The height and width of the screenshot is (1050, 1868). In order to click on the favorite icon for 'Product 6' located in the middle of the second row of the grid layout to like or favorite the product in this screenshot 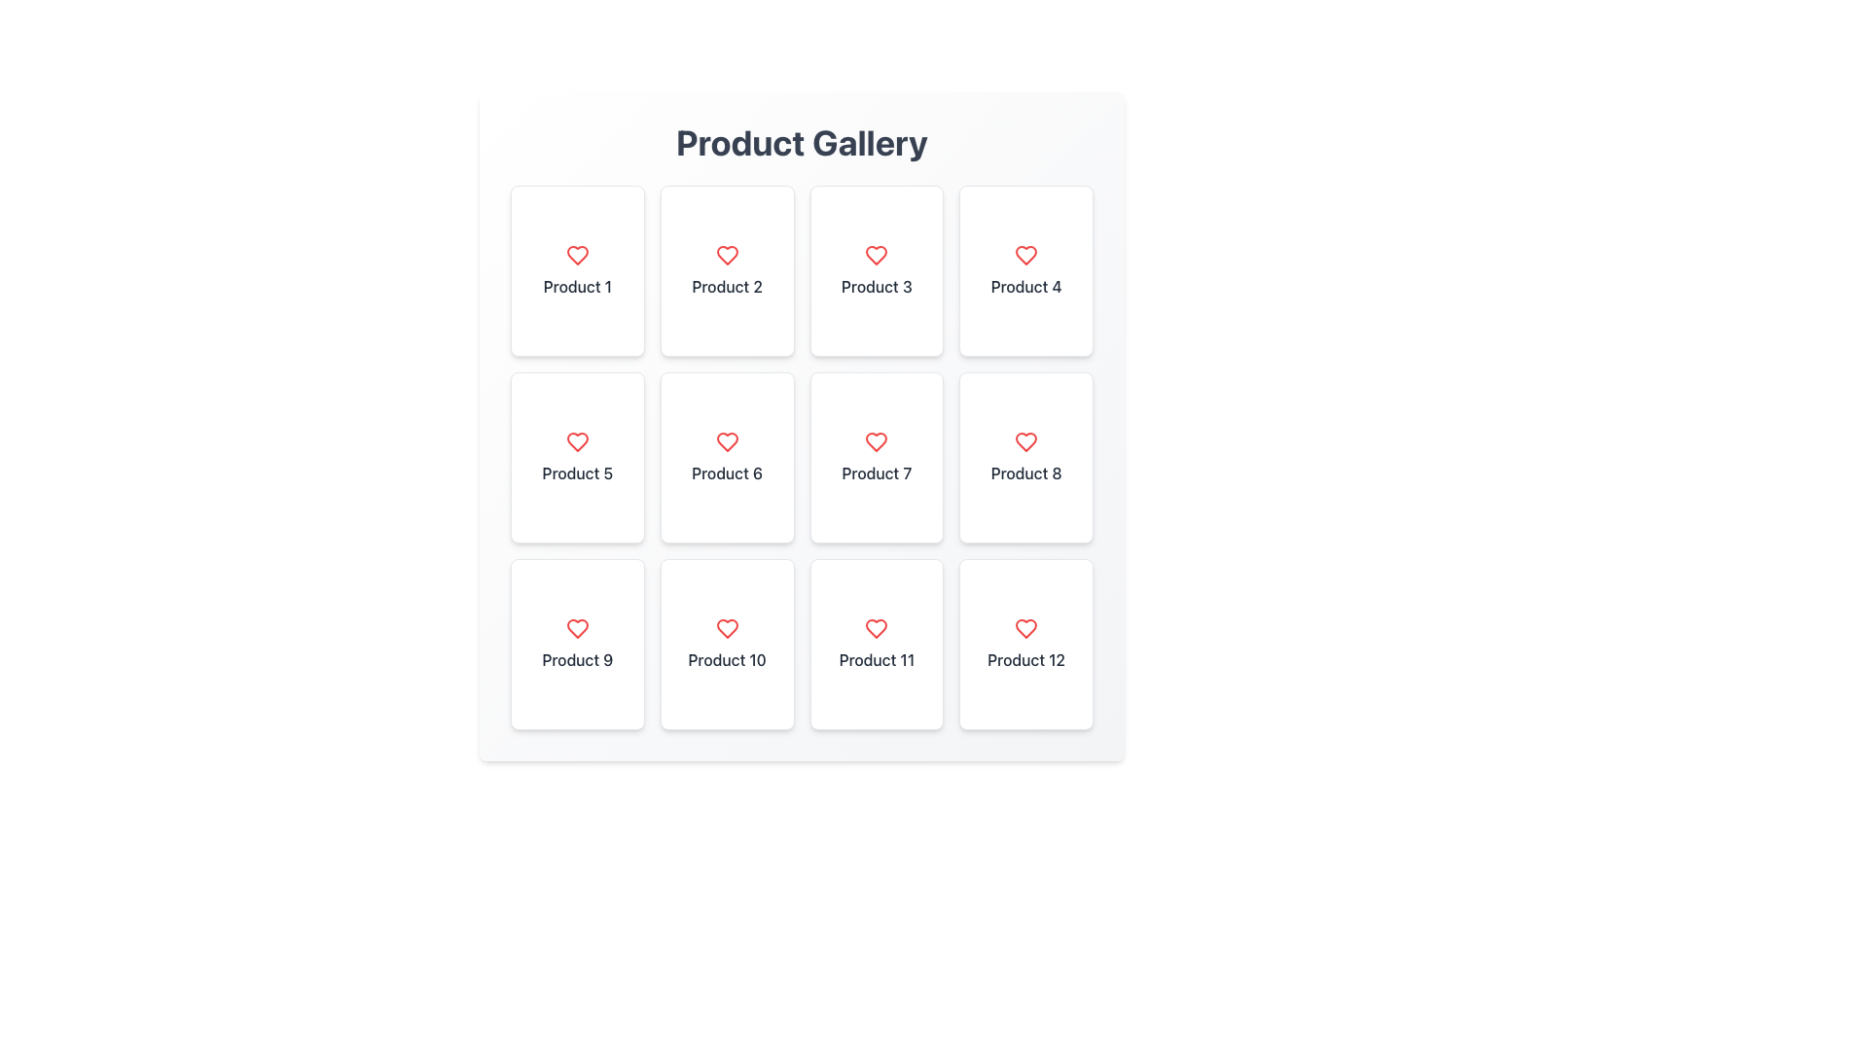, I will do `click(726, 442)`.